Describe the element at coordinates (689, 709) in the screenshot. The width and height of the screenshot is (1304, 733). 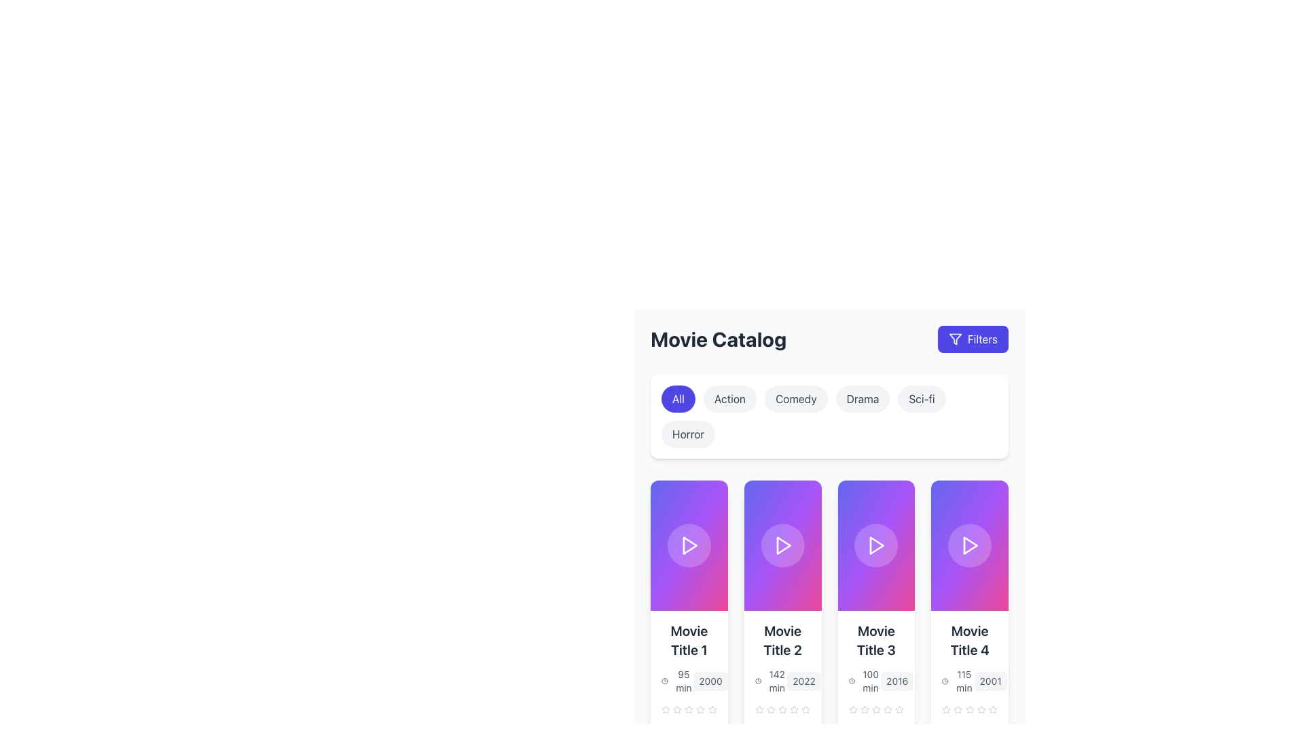
I see `the fourth star-shaped icon button in the rating system below 'Movie Title 1'` at that location.